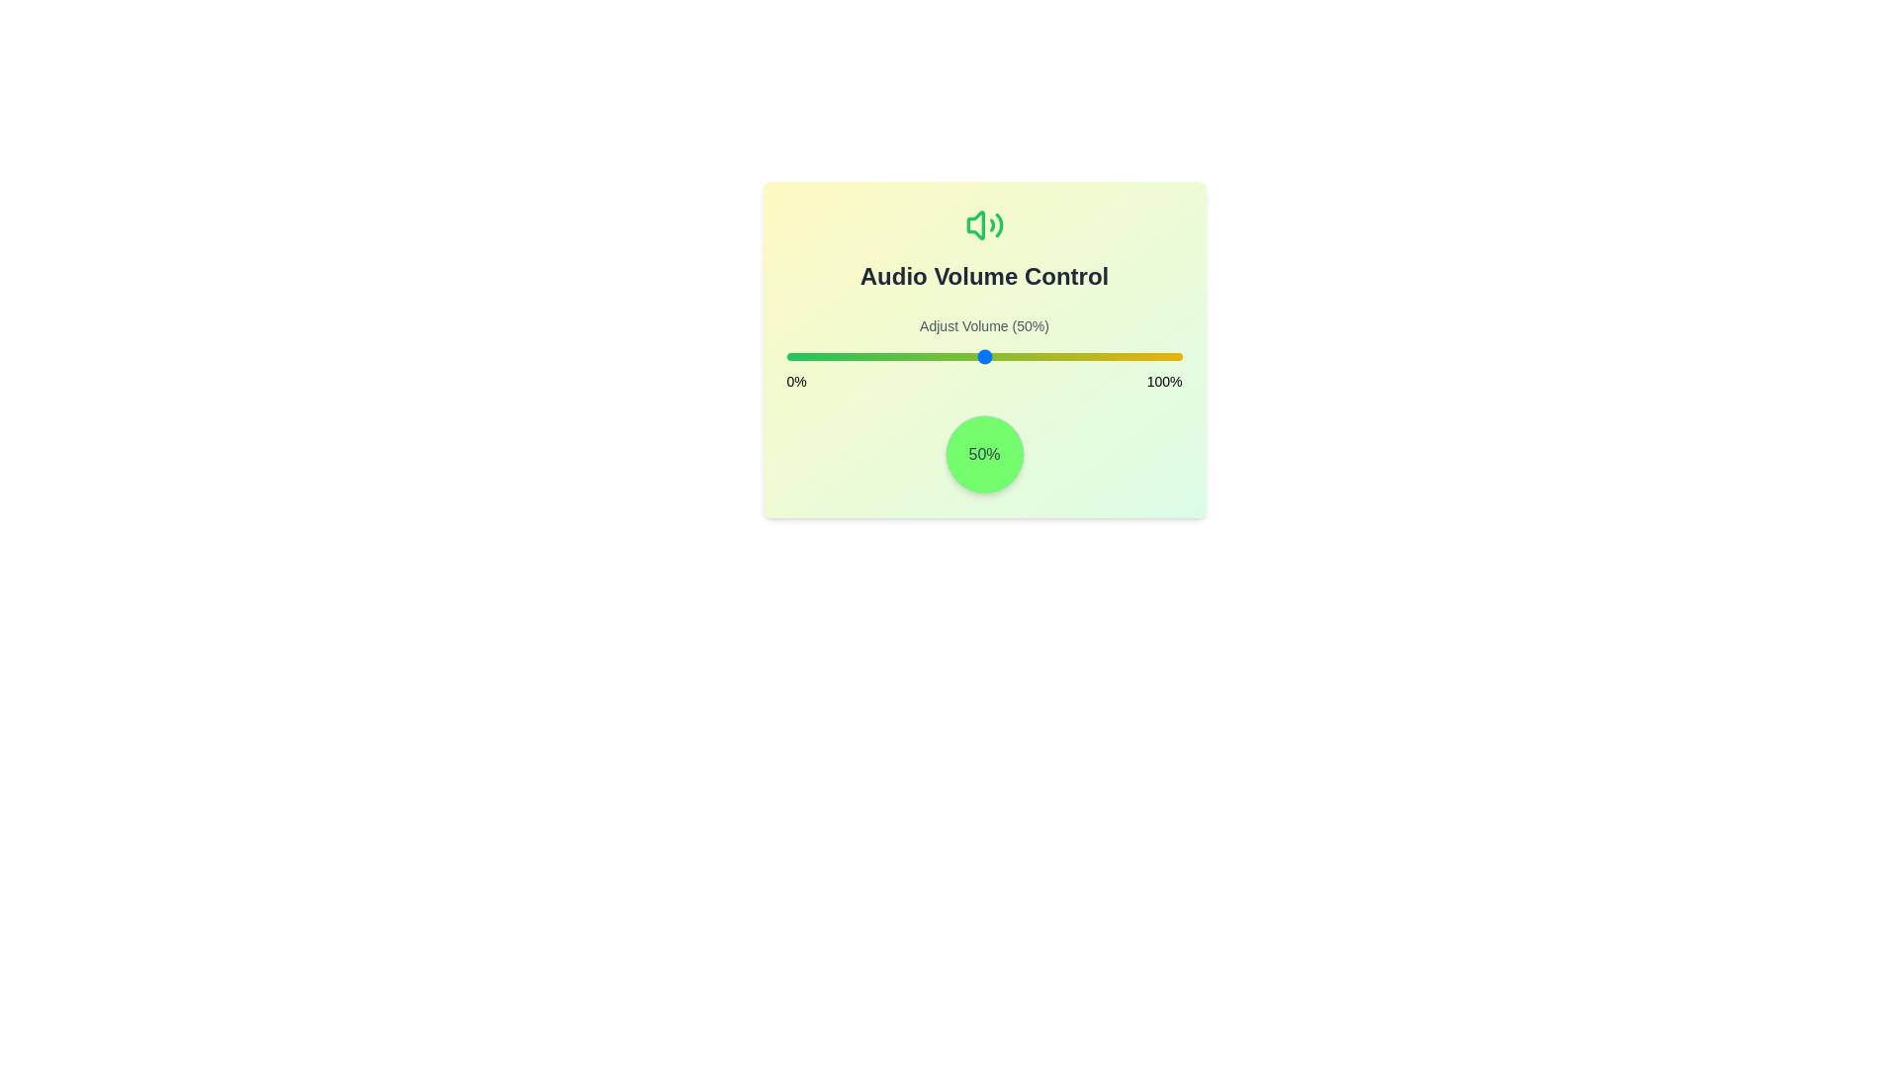 This screenshot has height=1068, width=1899. Describe the element at coordinates (1162, 357) in the screenshot. I see `the volume to 95% by dragging the slider` at that location.